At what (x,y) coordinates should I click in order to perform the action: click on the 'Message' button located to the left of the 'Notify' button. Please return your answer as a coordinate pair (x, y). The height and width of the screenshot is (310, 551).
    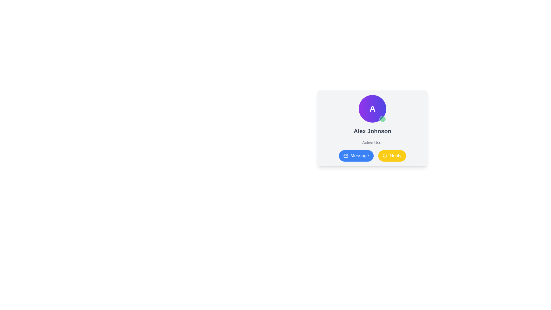
    Looking at the image, I should click on (356, 156).